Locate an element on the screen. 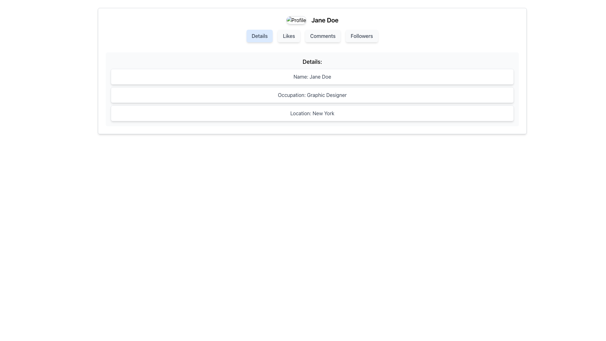  the 'Comments' button, which is the third button in a row of four buttons labeled 'Details', 'Likes', 'Comments', and 'Followers' is located at coordinates (323, 36).